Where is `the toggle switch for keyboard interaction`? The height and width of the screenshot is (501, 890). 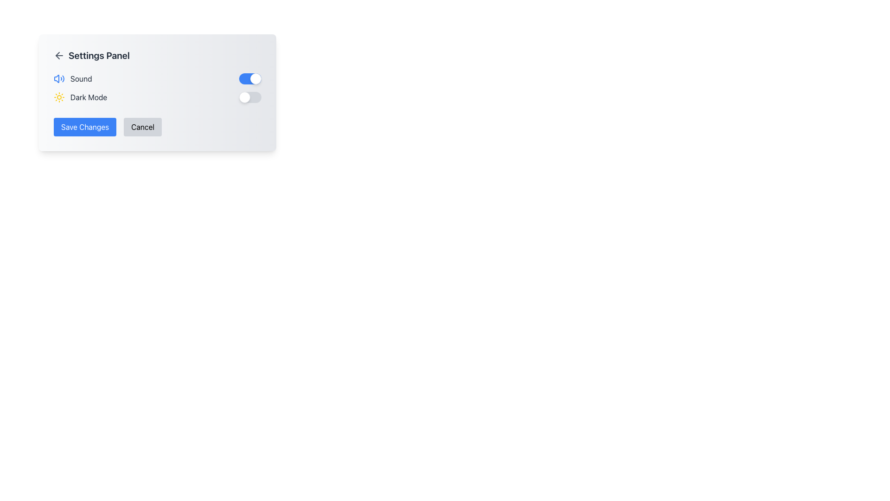
the toggle switch for keyboard interaction is located at coordinates (250, 97).